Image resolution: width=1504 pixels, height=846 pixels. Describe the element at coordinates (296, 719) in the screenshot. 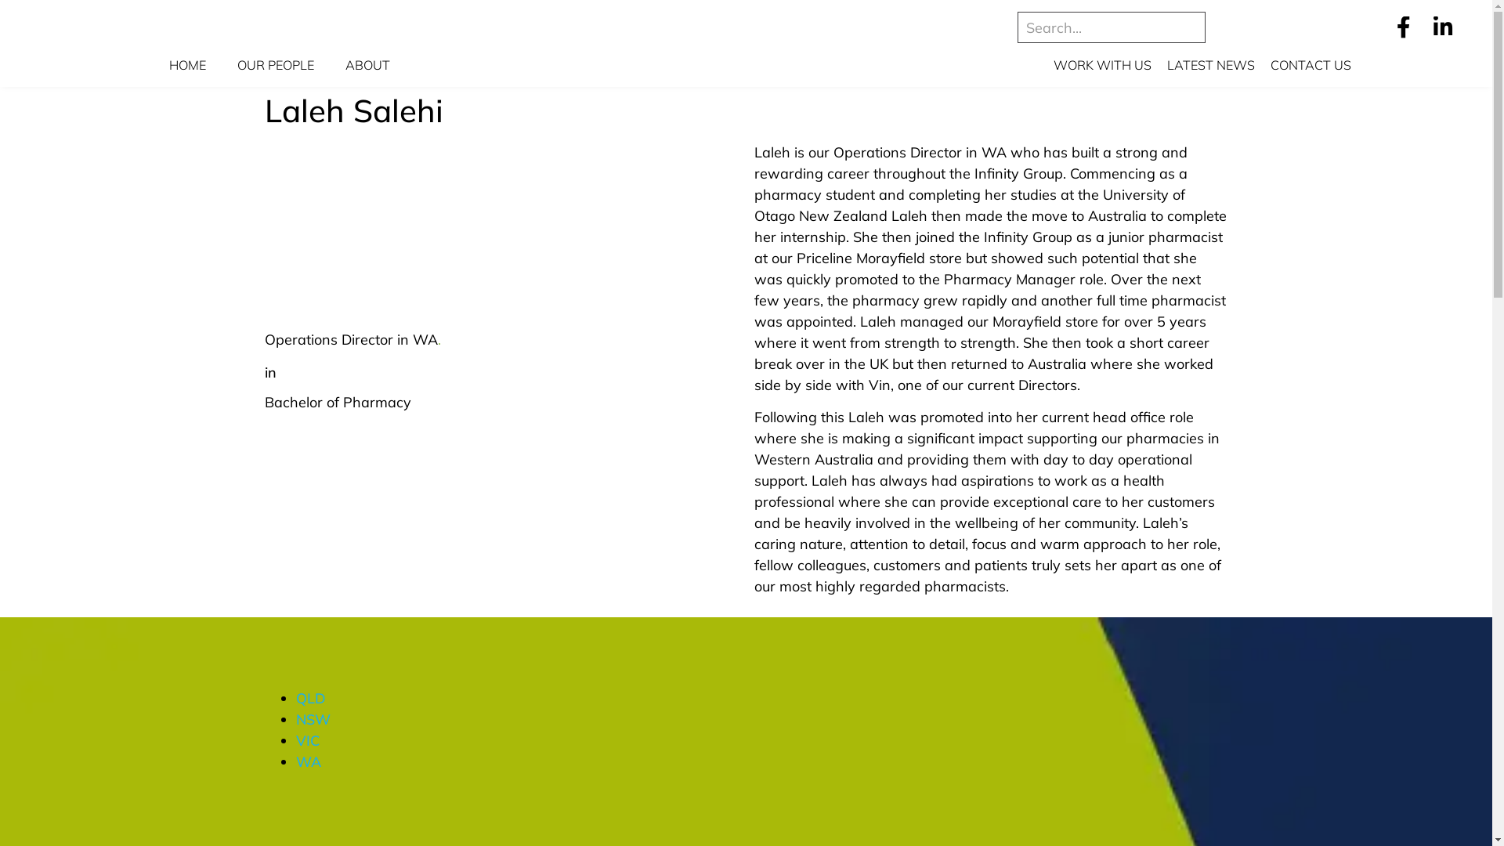

I see `'NSW'` at that location.